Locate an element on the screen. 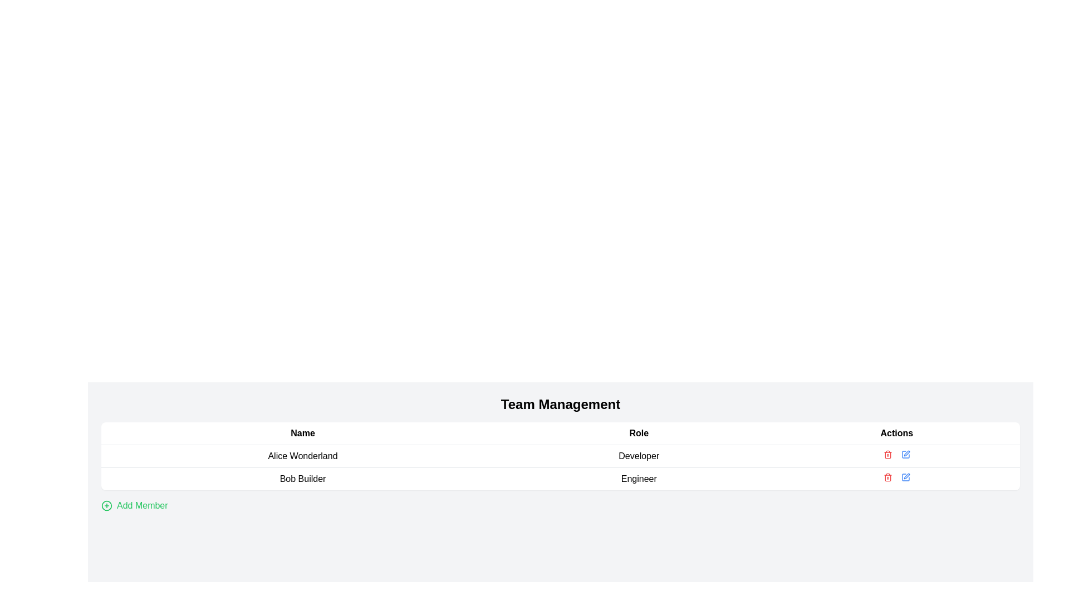  the icon that resembles a pen over a square, located in the rightmost column of the last row of the table, associated with the 'Actions' for 'Bob Builder - Engineer' is located at coordinates (905, 476).